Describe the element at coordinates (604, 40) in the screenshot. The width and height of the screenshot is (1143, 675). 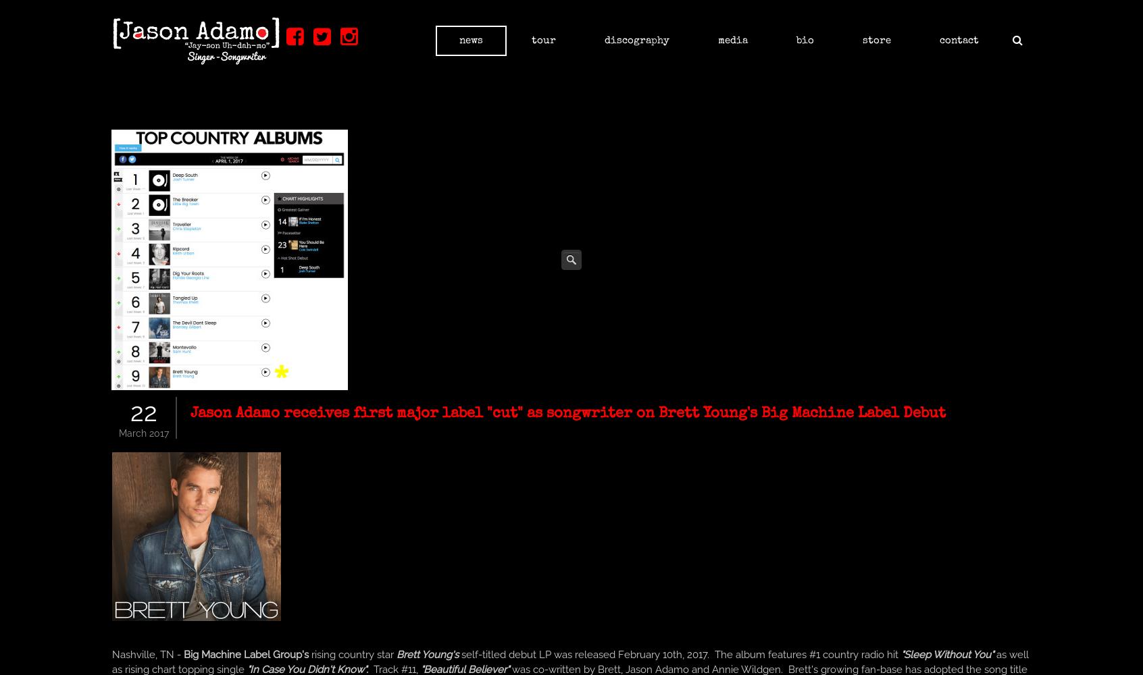
I see `'Discography'` at that location.